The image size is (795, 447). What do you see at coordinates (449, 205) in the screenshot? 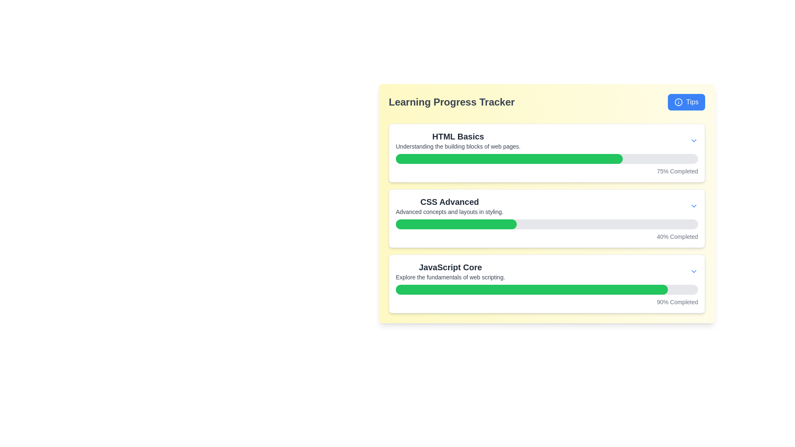
I see `text block containing the title 'CSS Advanced' and subtitle 'Advanced concepts and layouts in styling.' within the Learning Progress Tracker` at bounding box center [449, 205].